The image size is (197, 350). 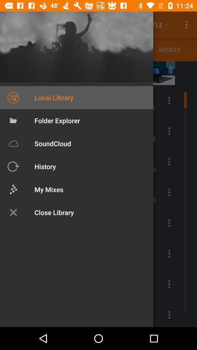 What do you see at coordinates (169, 131) in the screenshot?
I see `the more icon` at bounding box center [169, 131].